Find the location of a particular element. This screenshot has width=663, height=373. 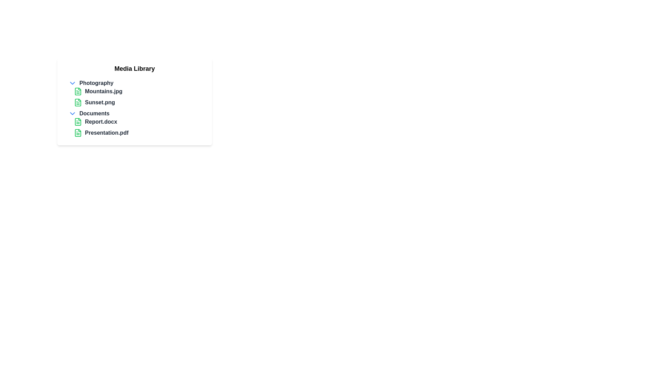

the file entry 'Sunset.png' in the Photography section of the Media Library is located at coordinates (137, 97).